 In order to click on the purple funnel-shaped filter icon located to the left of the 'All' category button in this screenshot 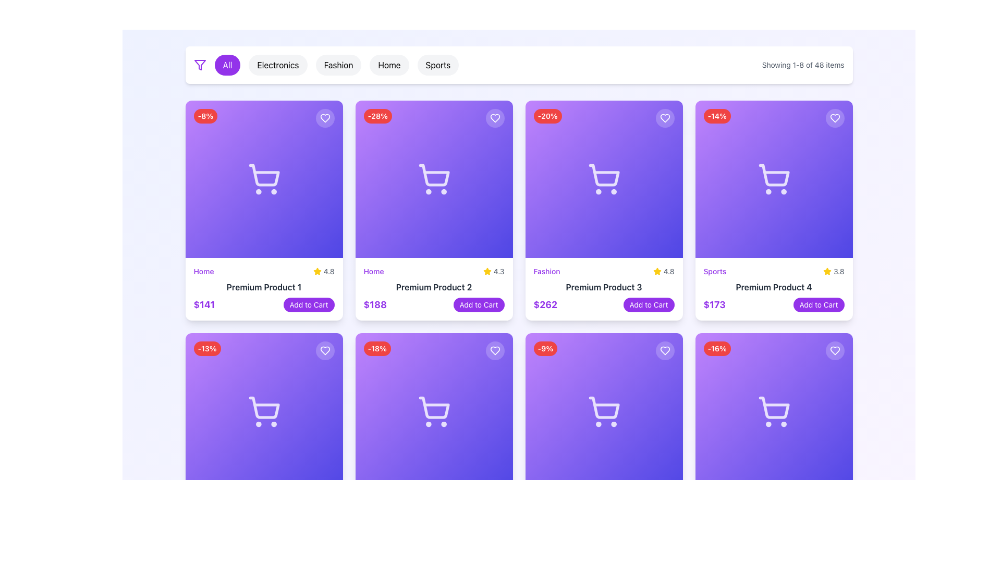, I will do `click(200, 65)`.